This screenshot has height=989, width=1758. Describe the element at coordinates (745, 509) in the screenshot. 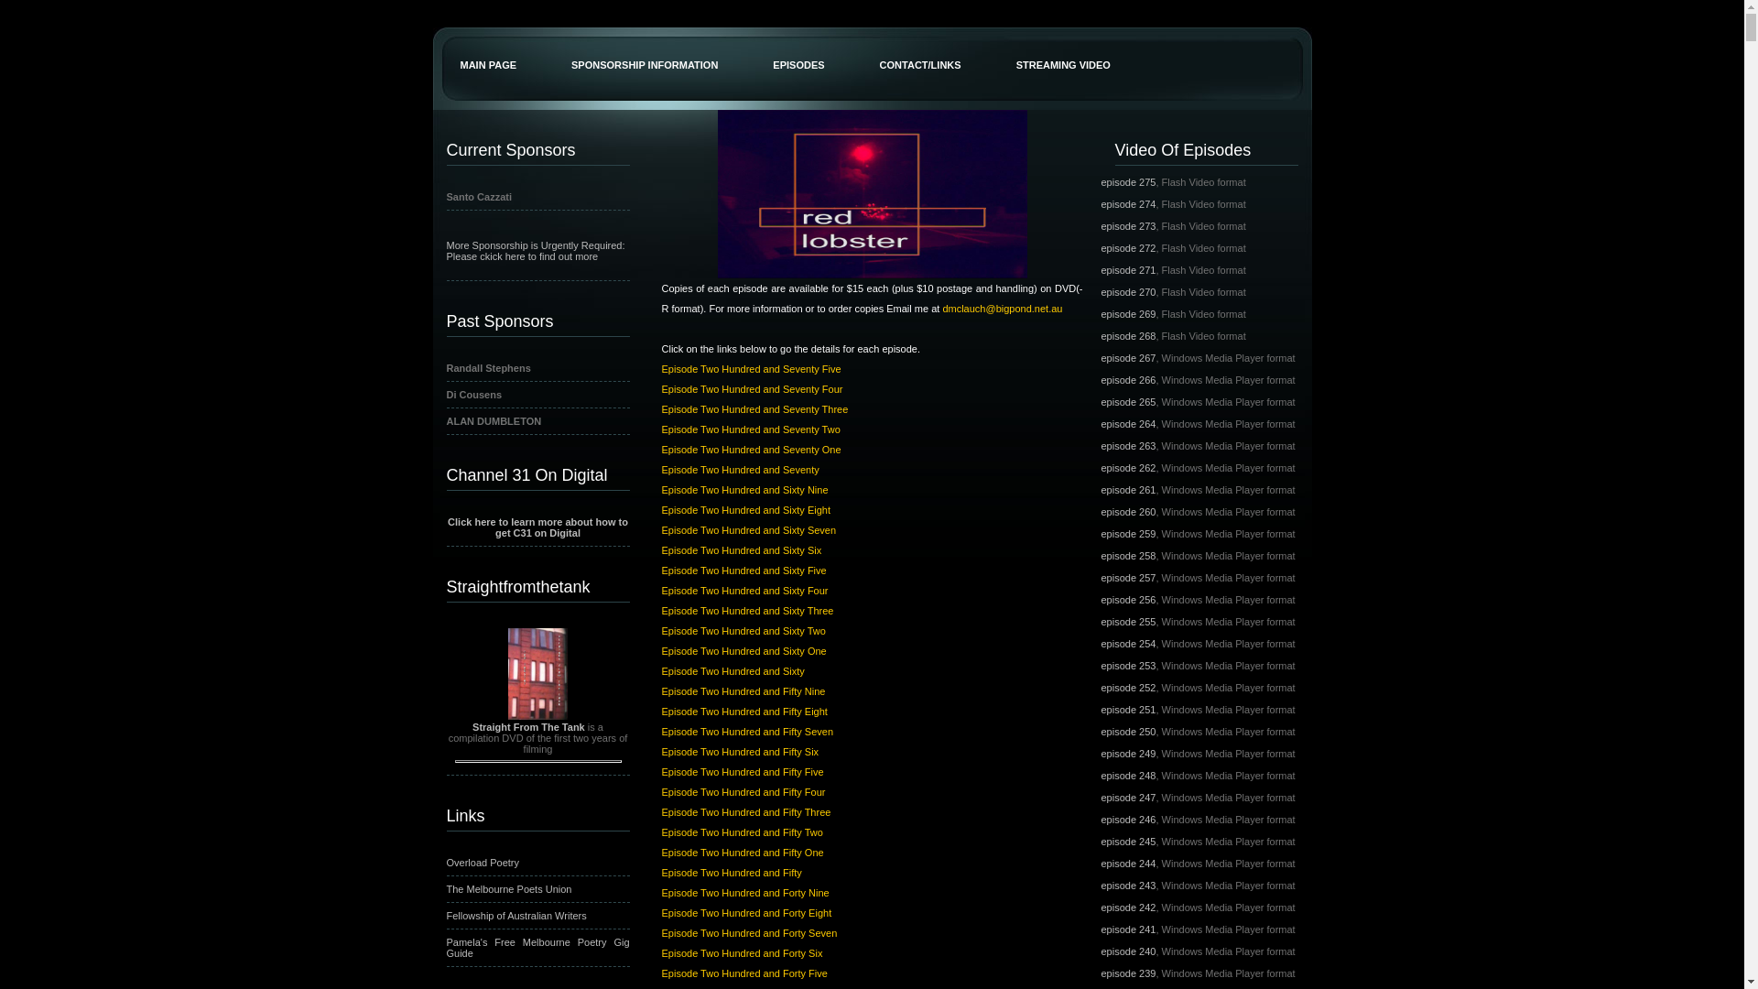

I see `'Episode Two Hundred and Sixty Eight'` at that location.